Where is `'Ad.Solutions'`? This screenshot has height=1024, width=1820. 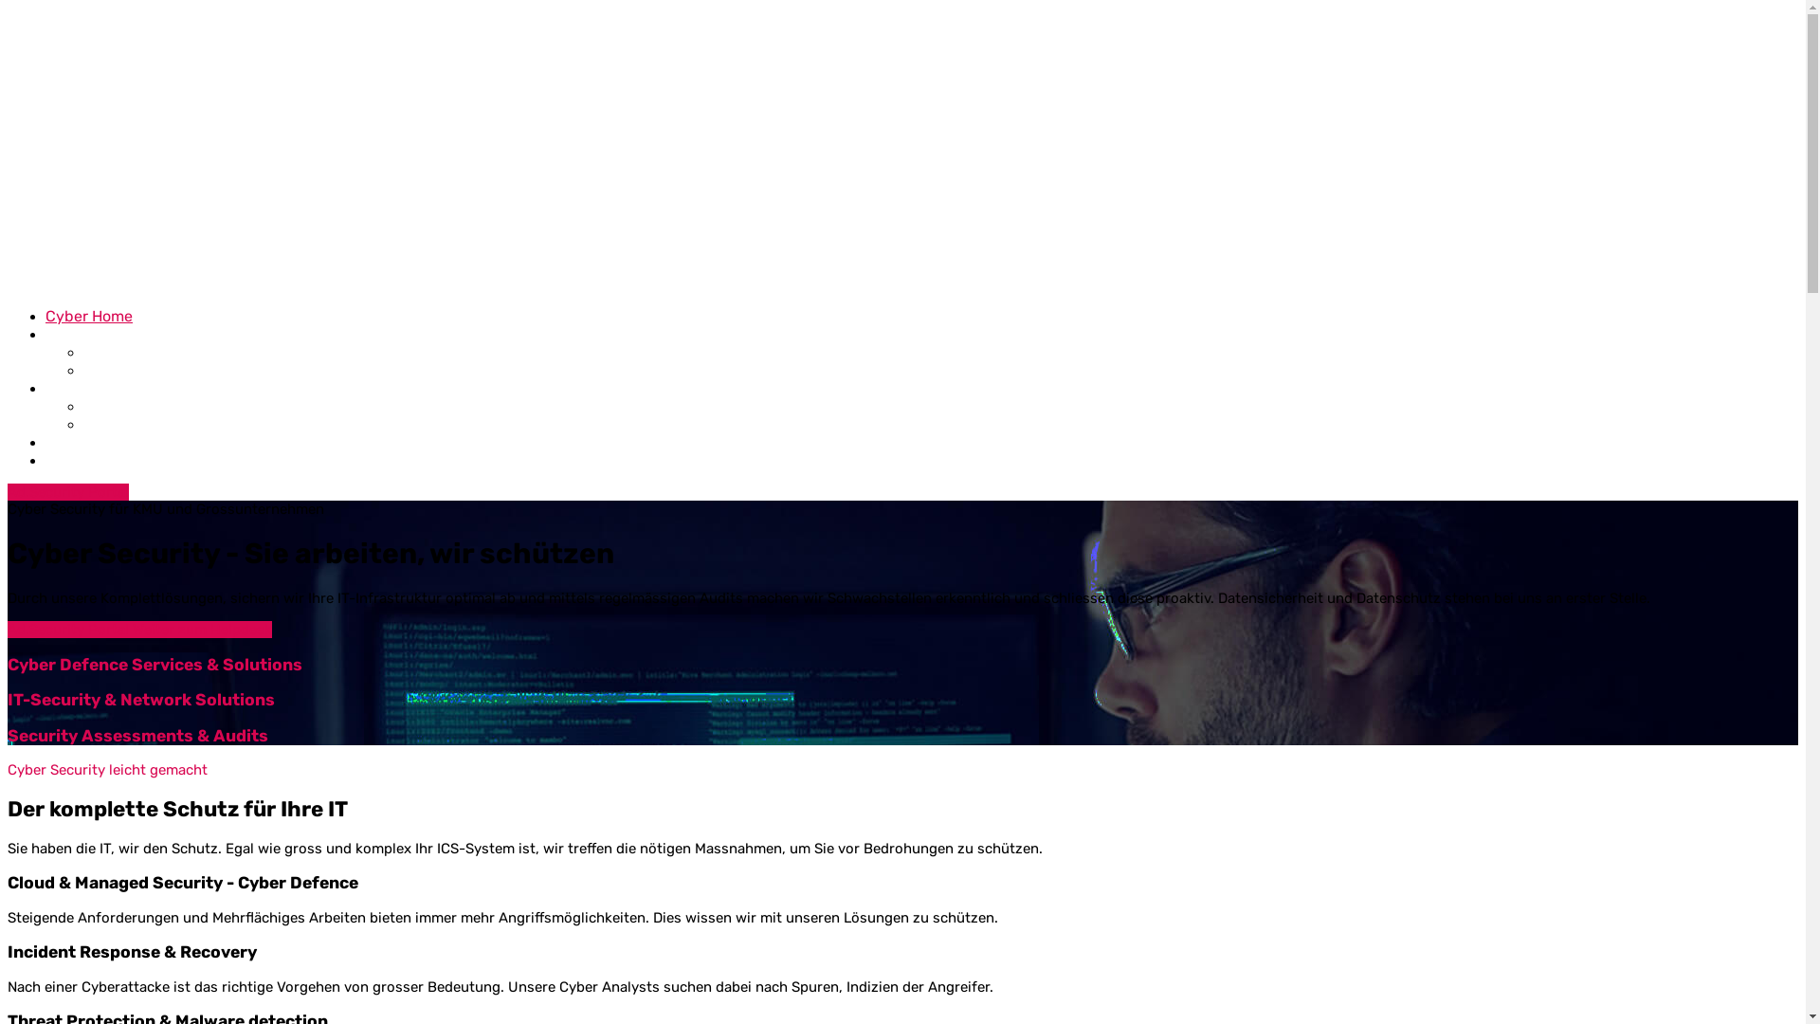 'Ad.Solutions' is located at coordinates (89, 333).